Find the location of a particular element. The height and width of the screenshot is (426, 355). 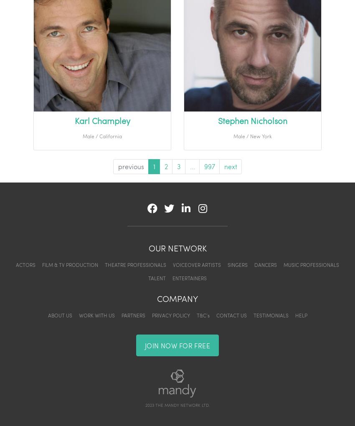

'1' is located at coordinates (153, 166).